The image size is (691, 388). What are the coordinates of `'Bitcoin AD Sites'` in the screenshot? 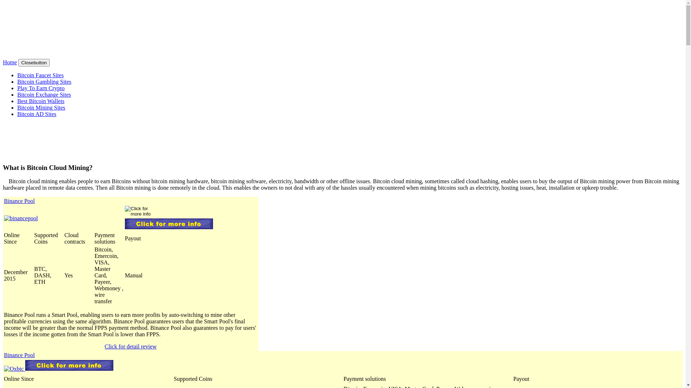 It's located at (36, 114).